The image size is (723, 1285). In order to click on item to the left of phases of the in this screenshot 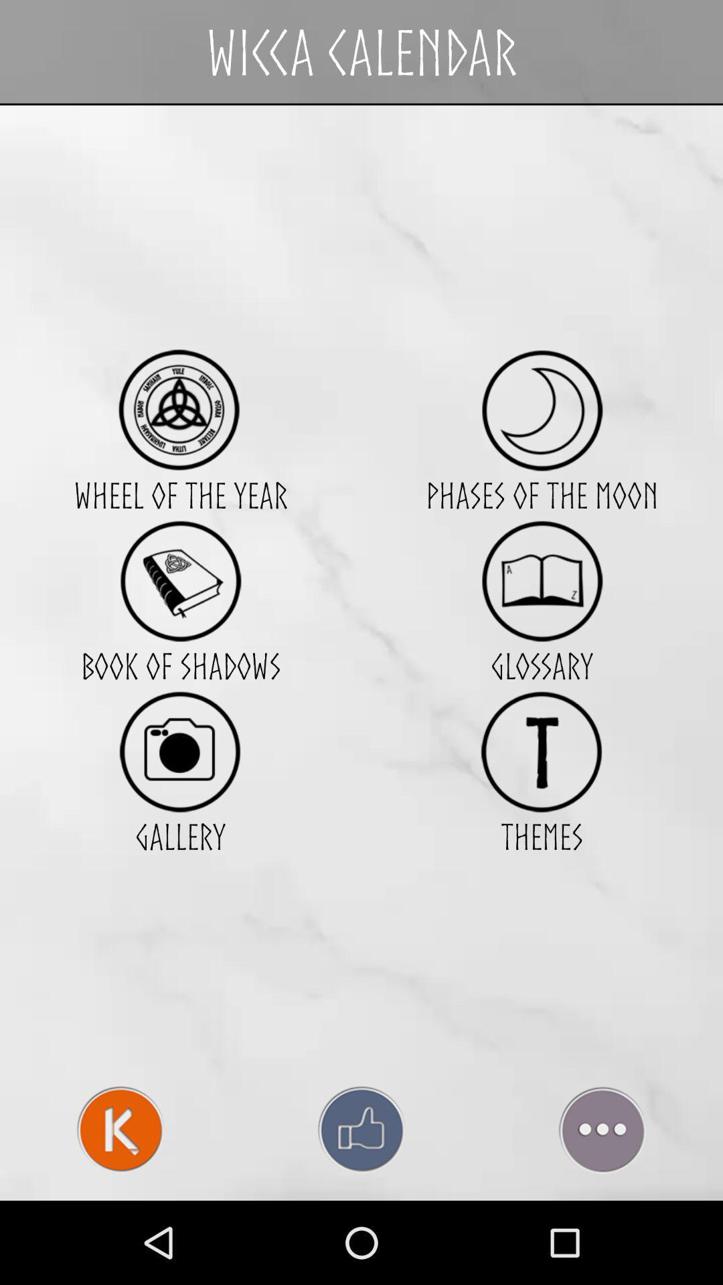, I will do `click(179, 581)`.